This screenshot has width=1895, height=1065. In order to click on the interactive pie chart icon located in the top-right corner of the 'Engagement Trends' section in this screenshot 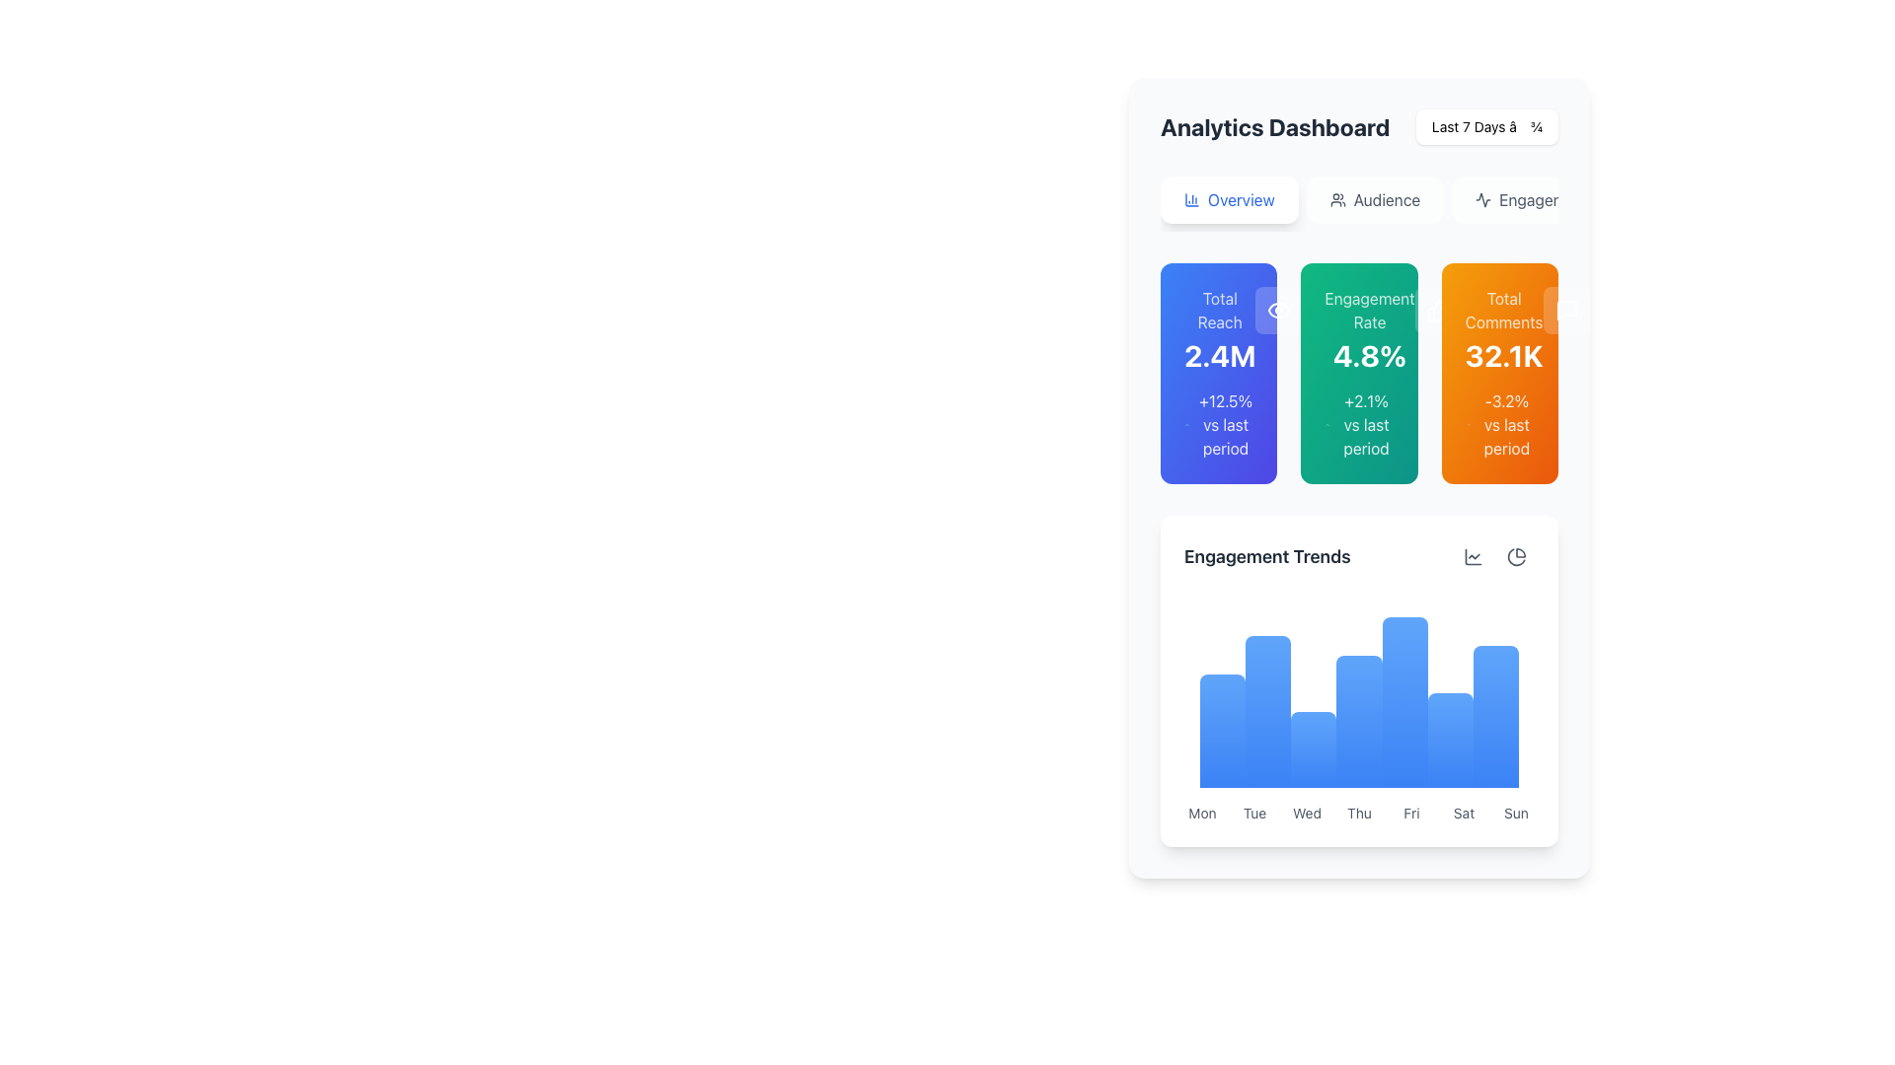, I will do `click(1515, 556)`.